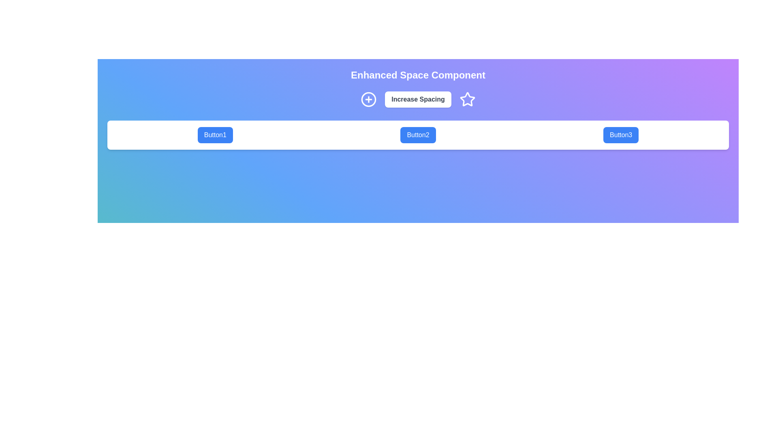 The width and height of the screenshot is (778, 437). Describe the element at coordinates (620, 135) in the screenshot. I see `the third button in a row of three buttons` at that location.